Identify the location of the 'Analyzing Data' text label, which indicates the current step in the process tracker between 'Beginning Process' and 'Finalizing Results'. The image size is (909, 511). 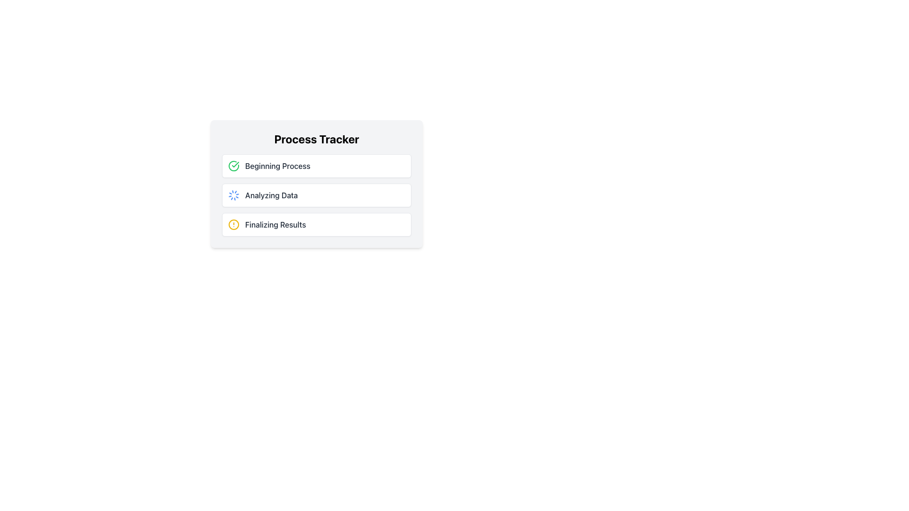
(271, 194).